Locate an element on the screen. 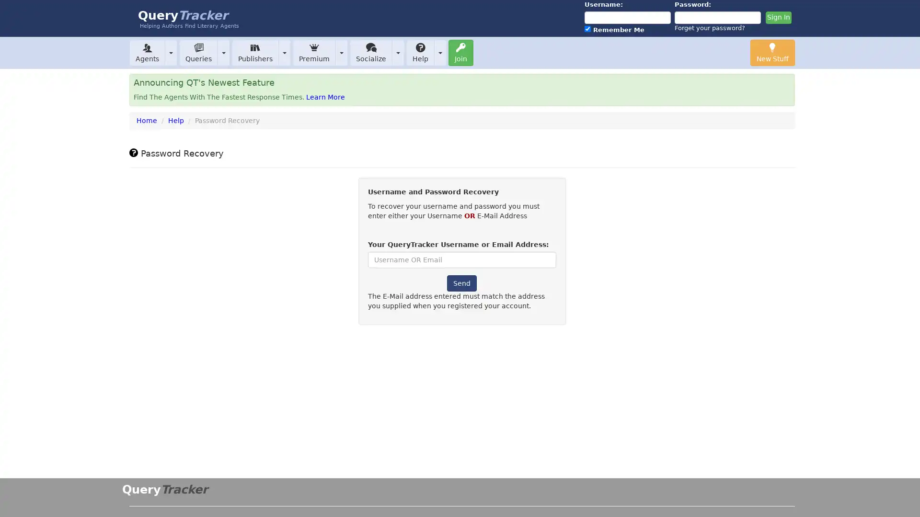  Send is located at coordinates (462, 282).